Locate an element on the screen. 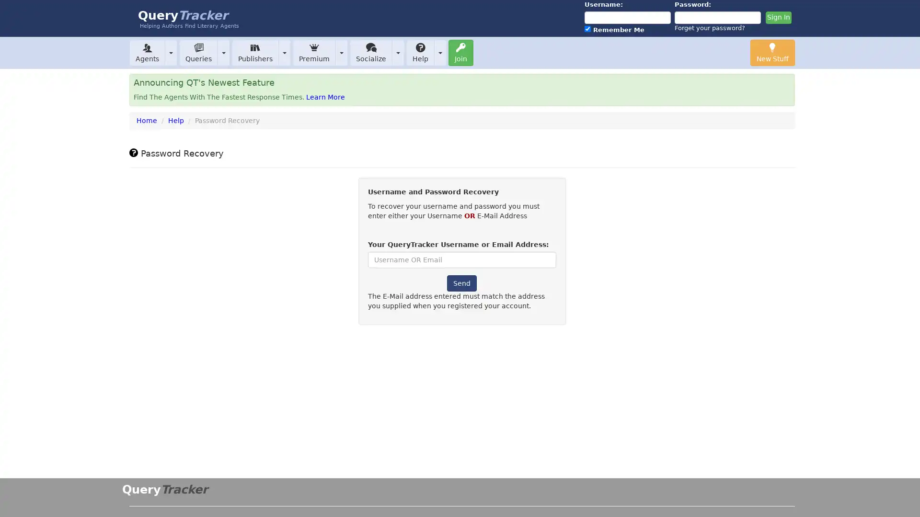  Send is located at coordinates (462, 282).